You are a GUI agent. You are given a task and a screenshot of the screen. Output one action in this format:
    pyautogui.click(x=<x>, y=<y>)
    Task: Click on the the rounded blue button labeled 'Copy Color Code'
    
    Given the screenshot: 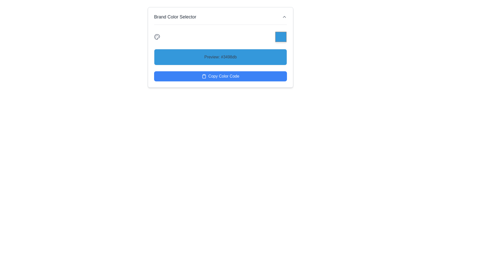 What is the action you would take?
    pyautogui.click(x=221, y=76)
    